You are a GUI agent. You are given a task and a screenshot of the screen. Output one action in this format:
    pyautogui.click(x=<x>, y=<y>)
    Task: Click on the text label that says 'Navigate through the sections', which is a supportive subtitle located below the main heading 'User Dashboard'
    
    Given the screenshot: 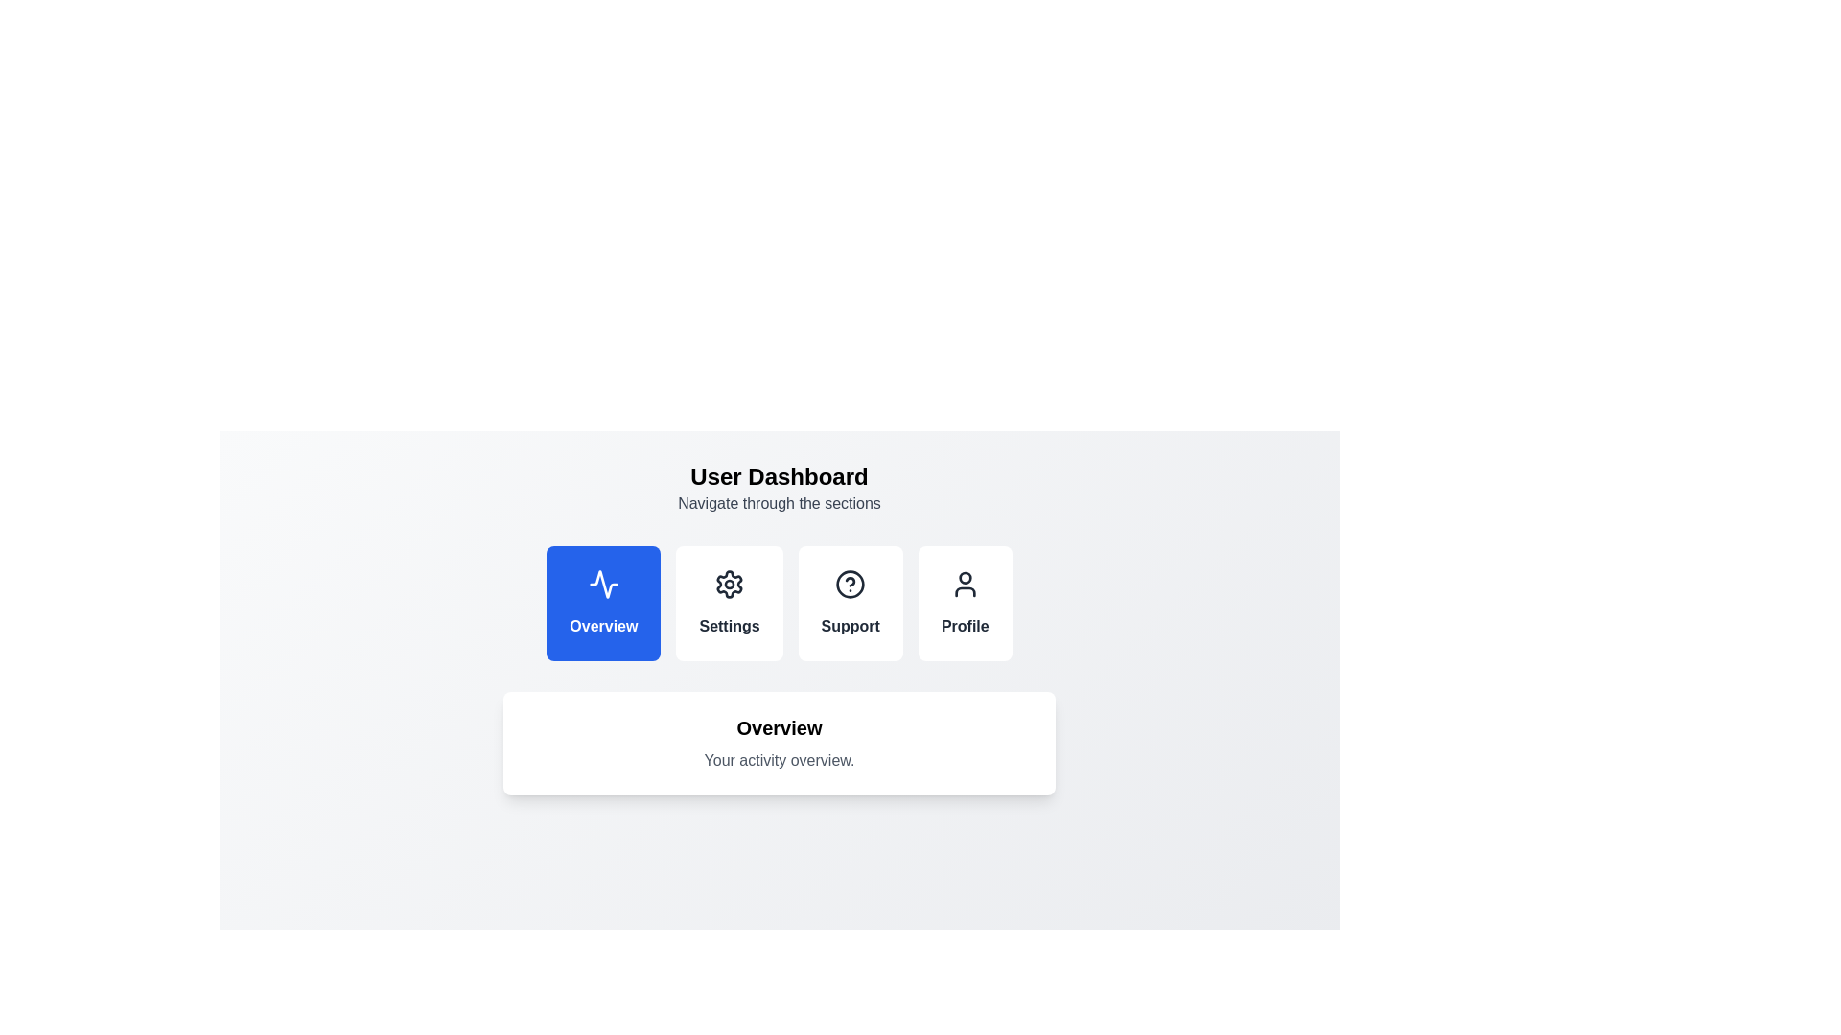 What is the action you would take?
    pyautogui.click(x=779, y=502)
    